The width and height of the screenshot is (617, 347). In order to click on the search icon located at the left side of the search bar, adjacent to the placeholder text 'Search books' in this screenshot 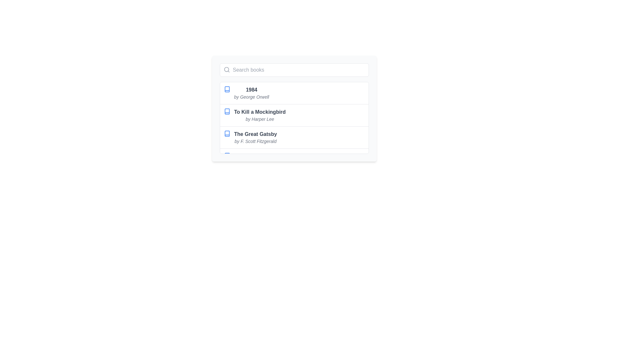, I will do `click(227, 69)`.